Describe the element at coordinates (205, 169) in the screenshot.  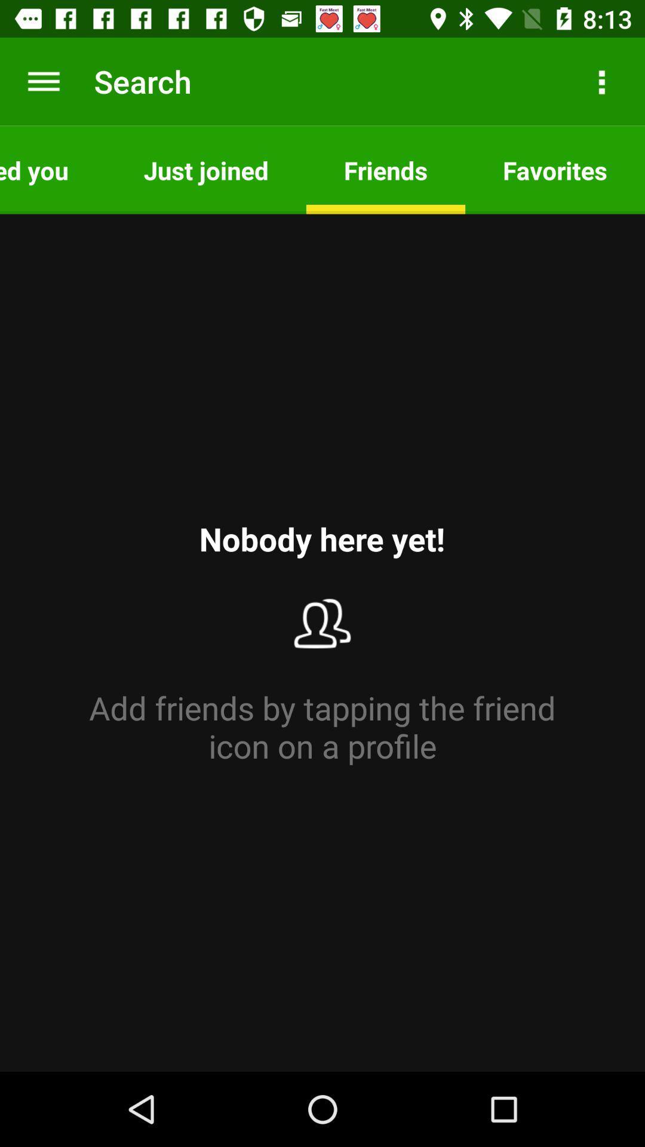
I see `the item to the left of the friends` at that location.